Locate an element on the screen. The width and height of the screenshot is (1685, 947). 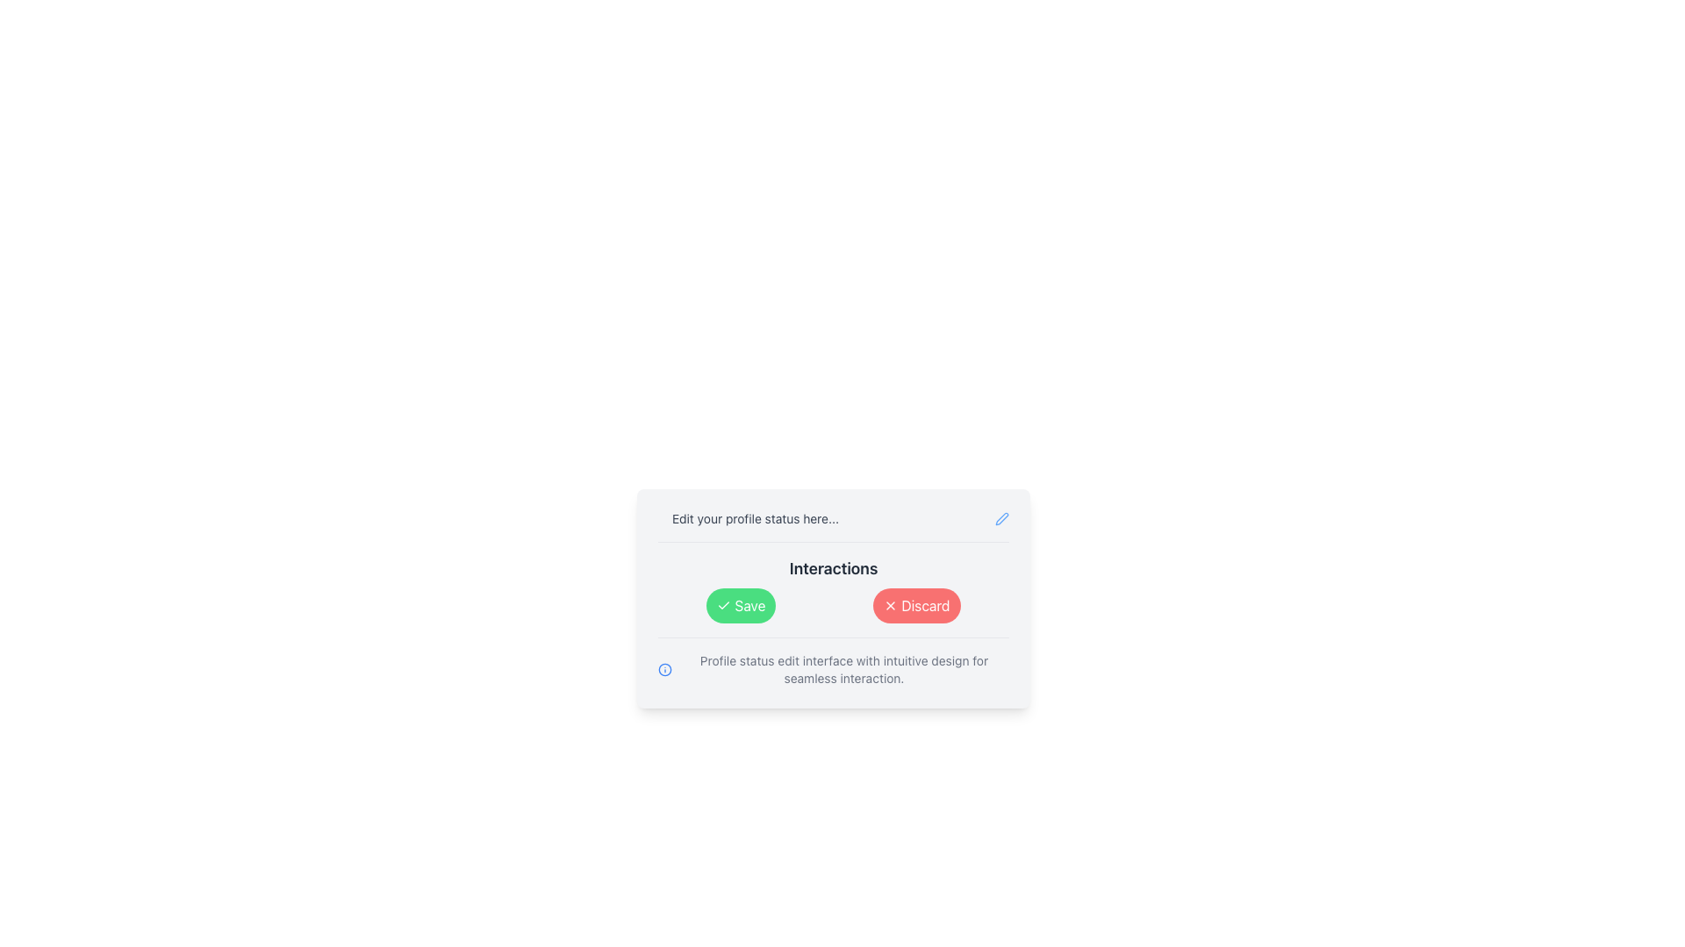
text prompt labeled 'Edit your profile status here...' which is positioned at the top of a card interface above the 'Interactions' section is located at coordinates (833, 517).